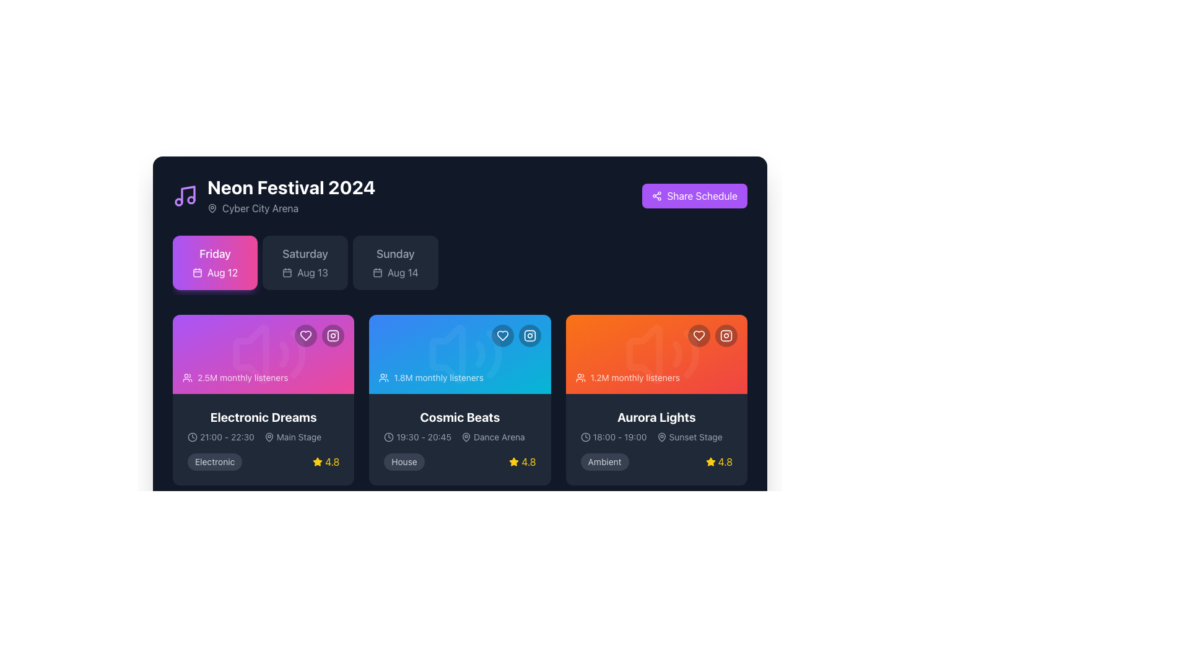 The image size is (1189, 668). Describe the element at coordinates (699, 336) in the screenshot. I see `the heart-shaped favorite button to mark the 'Aurora Lights' event as favored` at that location.